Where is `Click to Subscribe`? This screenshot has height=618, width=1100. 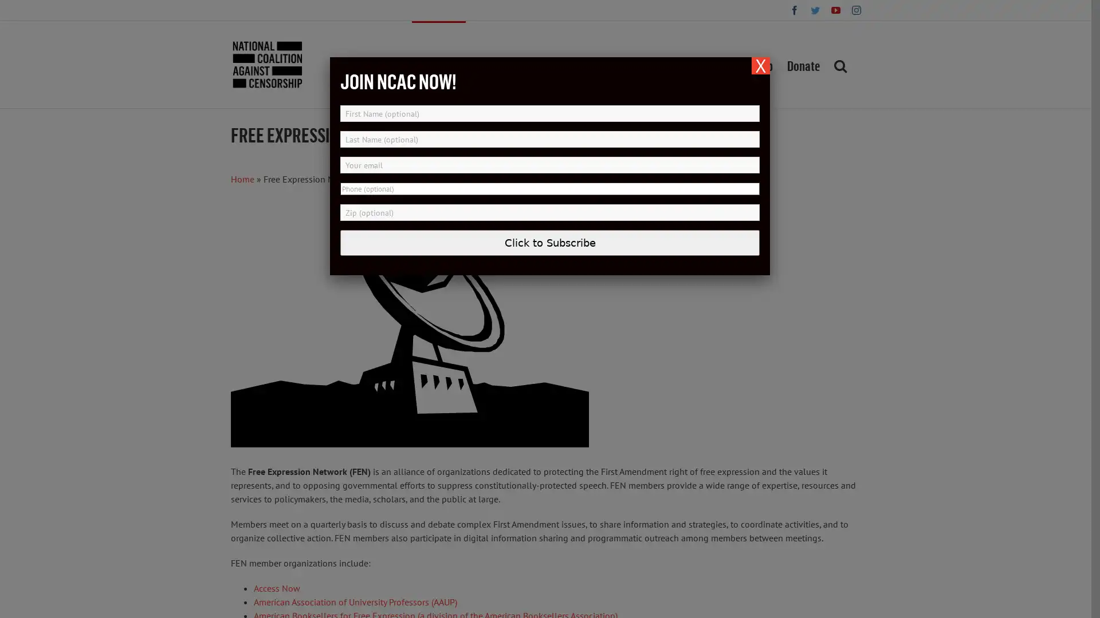 Click to Subscribe is located at coordinates (550, 242).